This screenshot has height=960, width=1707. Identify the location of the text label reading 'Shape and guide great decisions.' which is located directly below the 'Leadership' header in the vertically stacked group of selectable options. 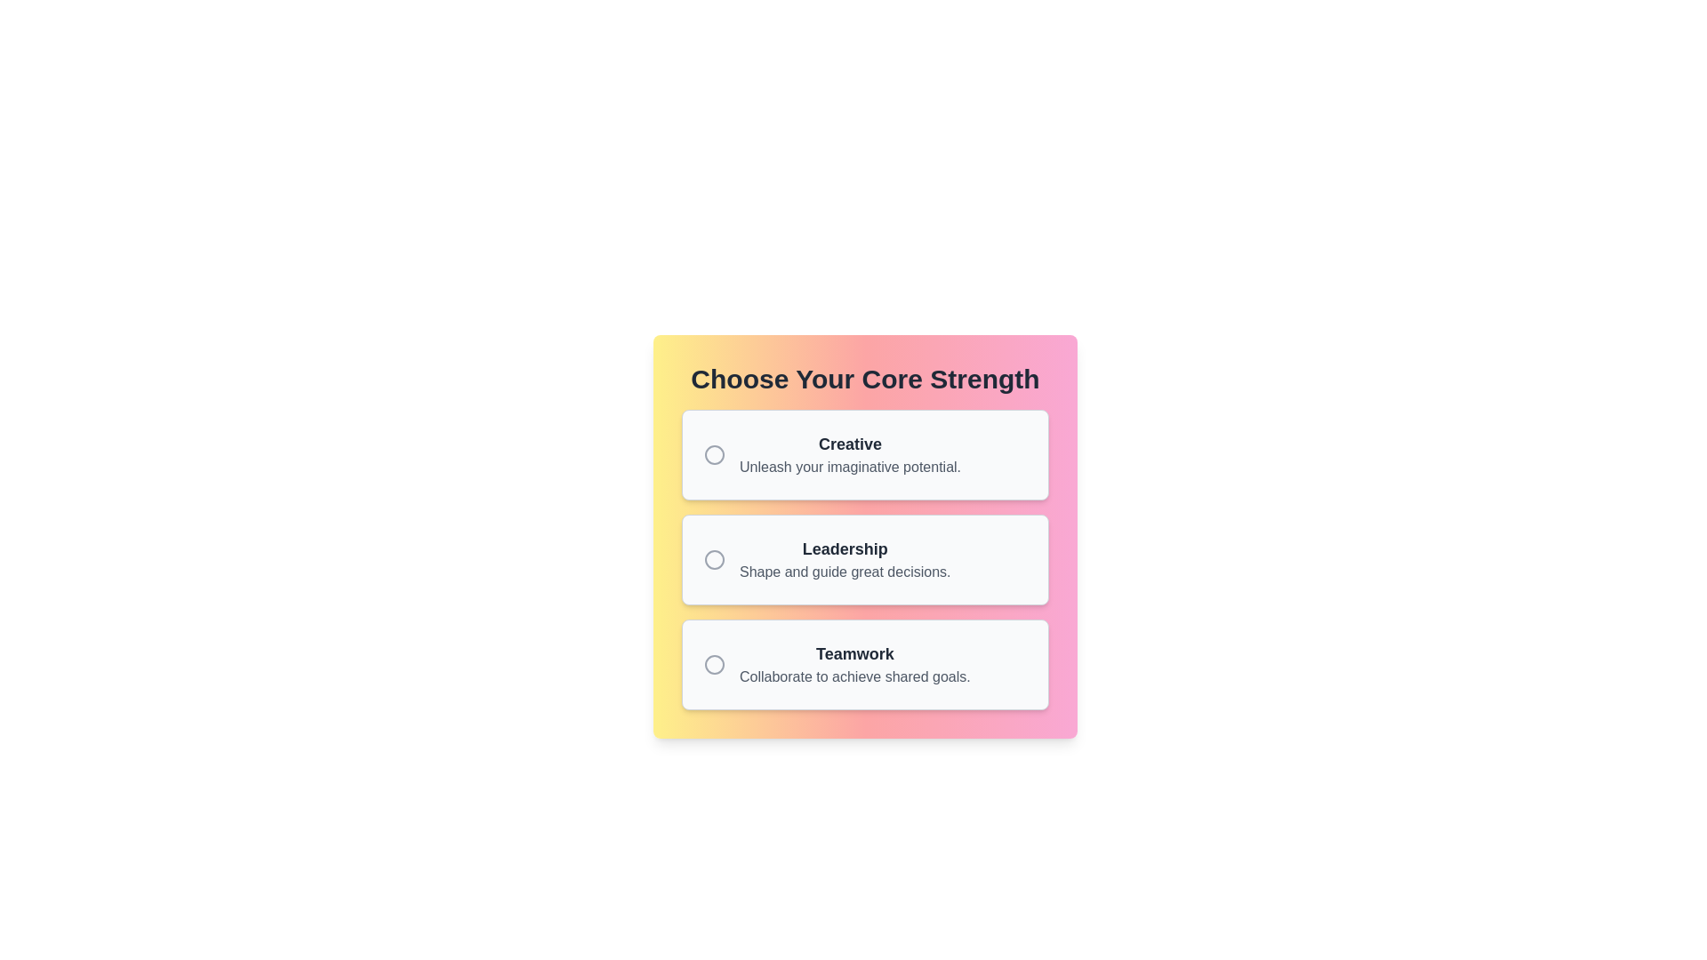
(844, 572).